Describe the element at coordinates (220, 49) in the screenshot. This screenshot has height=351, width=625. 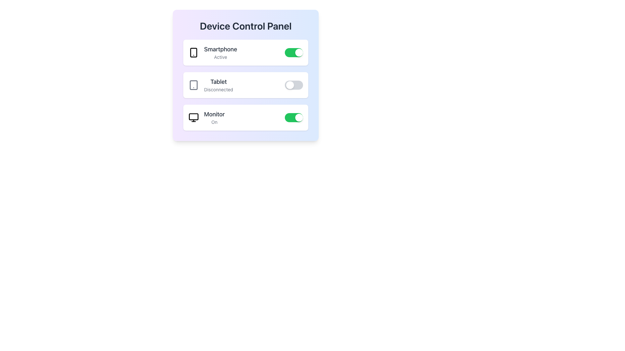
I see `the Text label that identifies the corresponding device in the Device Control Panel, located above the 'Active' text, with a smartphone icon on the left and a toggle switch on the right` at that location.